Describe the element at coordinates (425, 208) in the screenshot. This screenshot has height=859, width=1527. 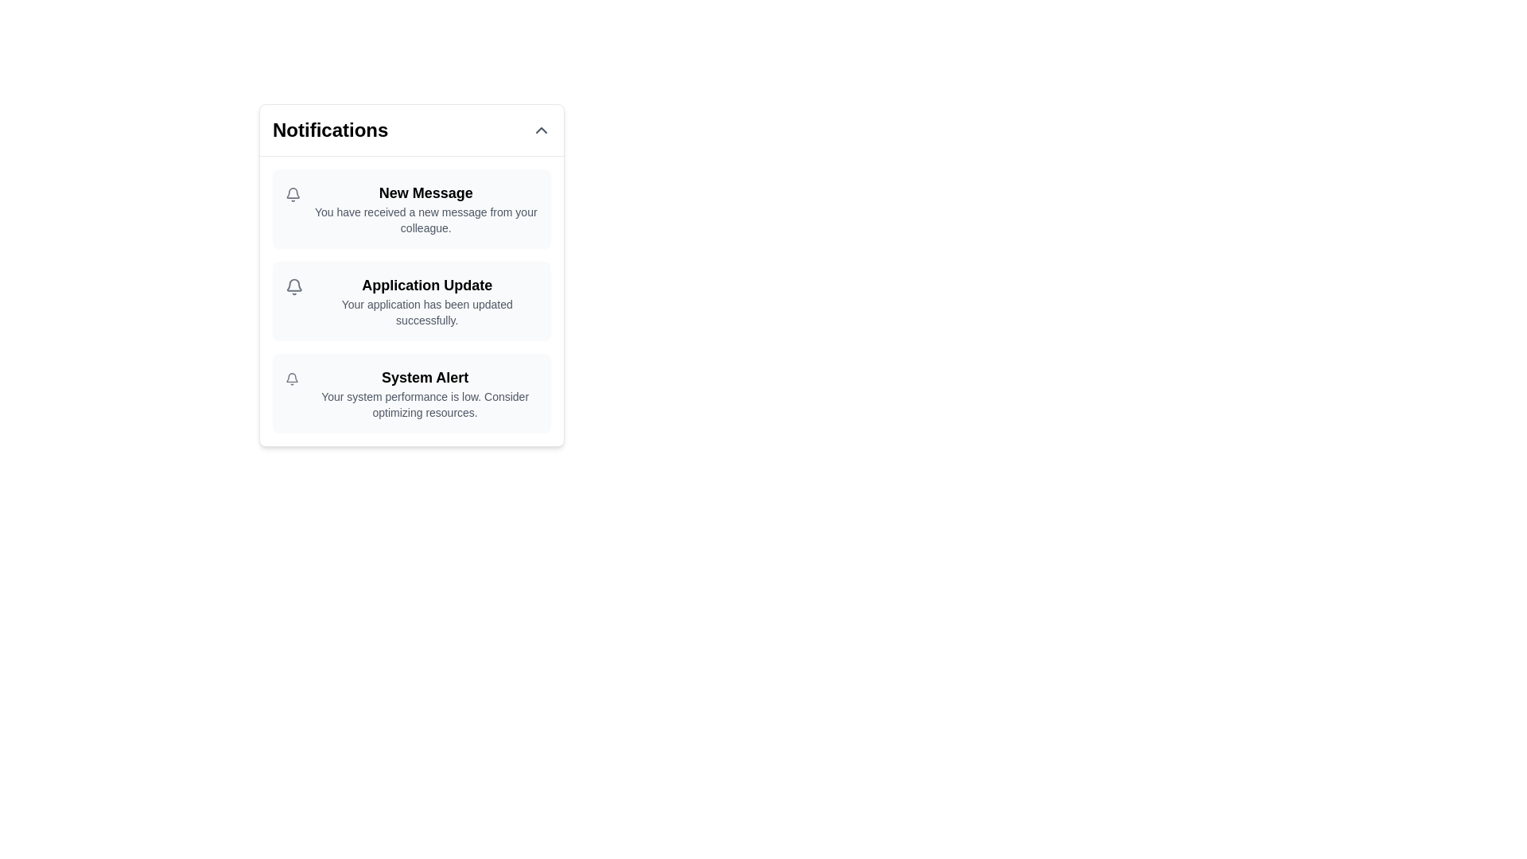
I see `the notification summary text block, which is the first item in the vertical notification list located below the 'Notifications' header` at that location.